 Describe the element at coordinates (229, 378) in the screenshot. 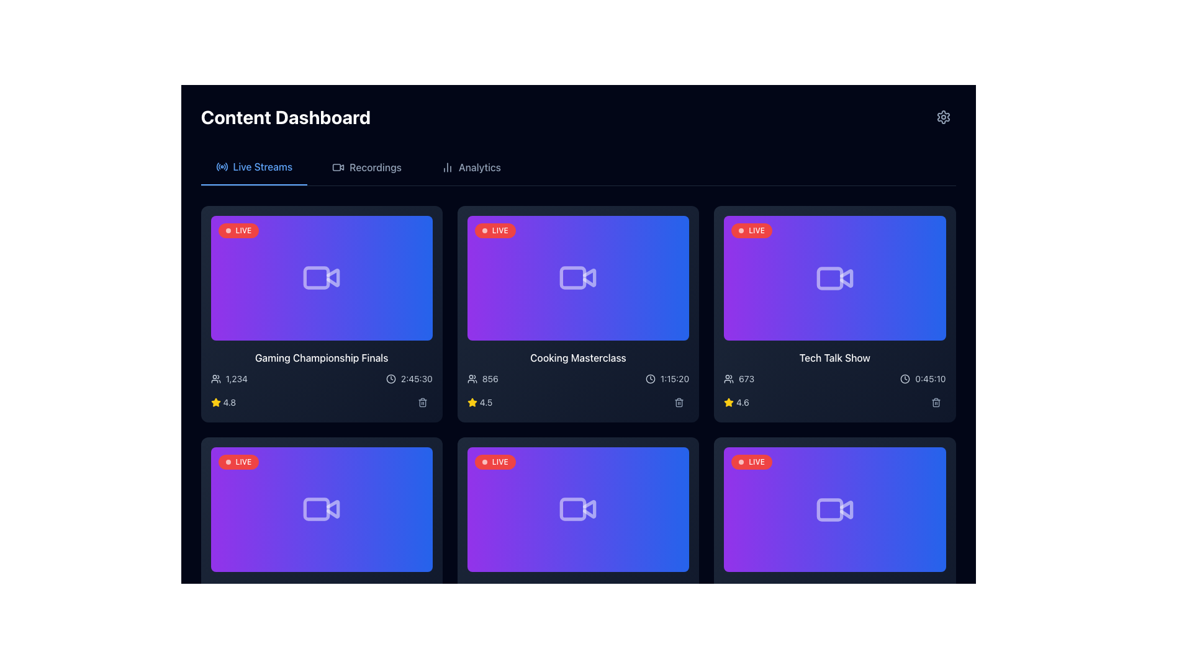

I see `numerical value displayed in the text label showing '1,234', which is styled in slate grey and located below the title of the 'Gaming Championship Finals' content card` at that location.